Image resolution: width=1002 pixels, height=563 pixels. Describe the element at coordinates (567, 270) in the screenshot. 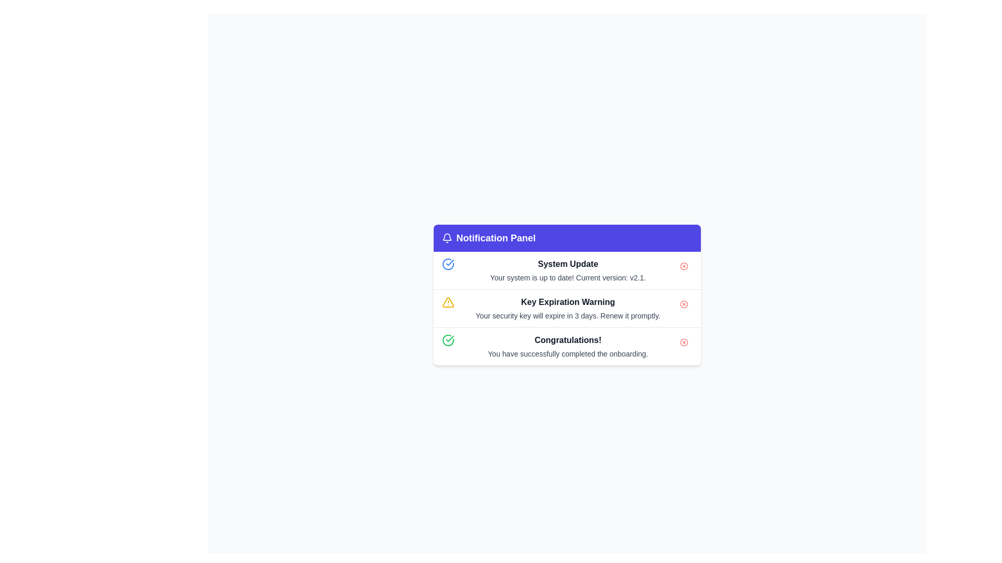

I see `the 'System Update' text section which displays the message 'Your system is up to date! Current version: v2.1.' in a notification card` at that location.